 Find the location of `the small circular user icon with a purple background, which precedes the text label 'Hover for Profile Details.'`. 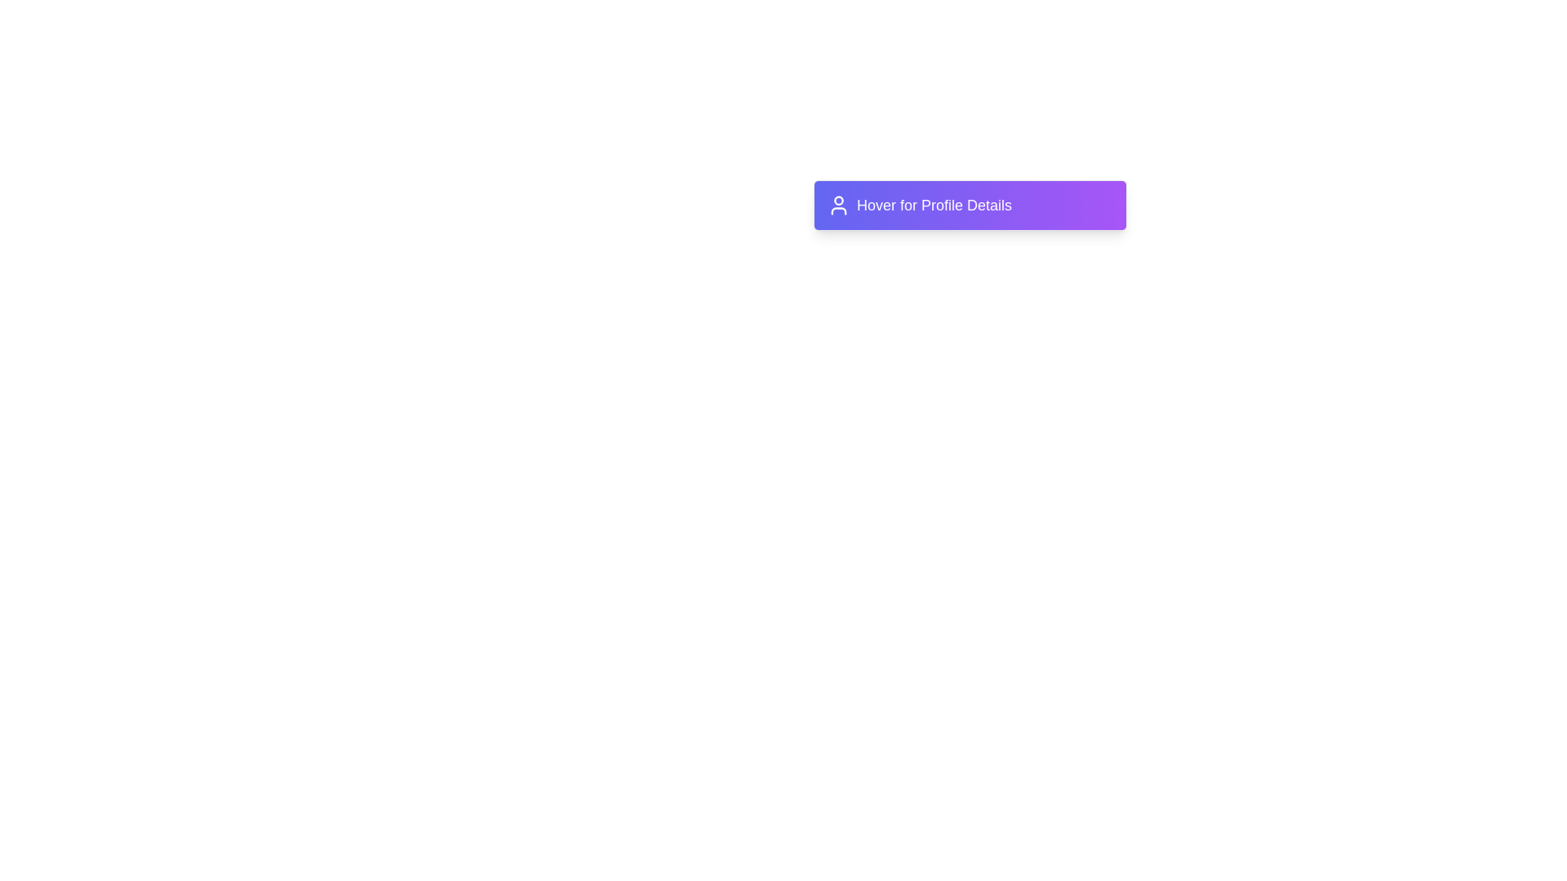

the small circular user icon with a purple background, which precedes the text label 'Hover for Profile Details.' is located at coordinates (838, 204).